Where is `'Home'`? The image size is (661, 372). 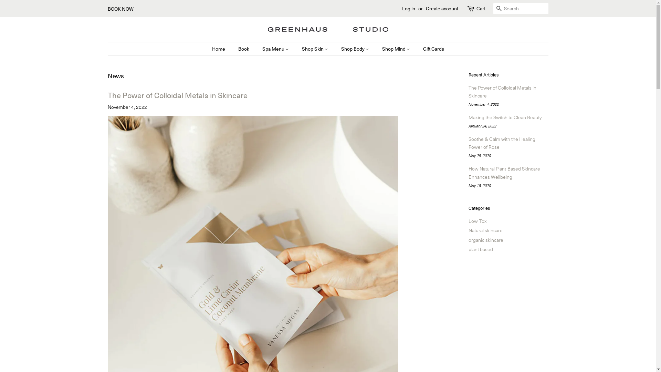 'Home' is located at coordinates (211, 49).